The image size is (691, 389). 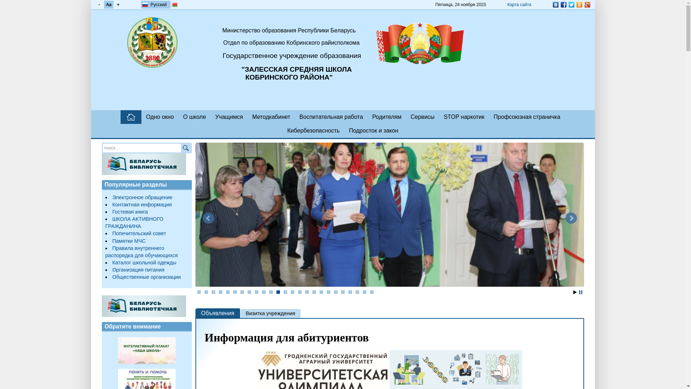 I want to click on '1', so click(x=199, y=292).